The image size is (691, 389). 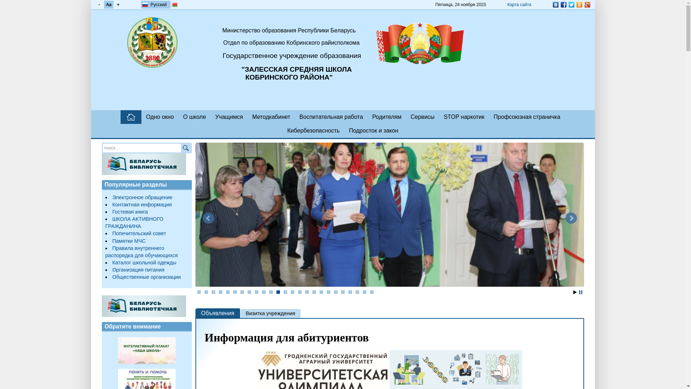 I want to click on '1', so click(x=199, y=292).